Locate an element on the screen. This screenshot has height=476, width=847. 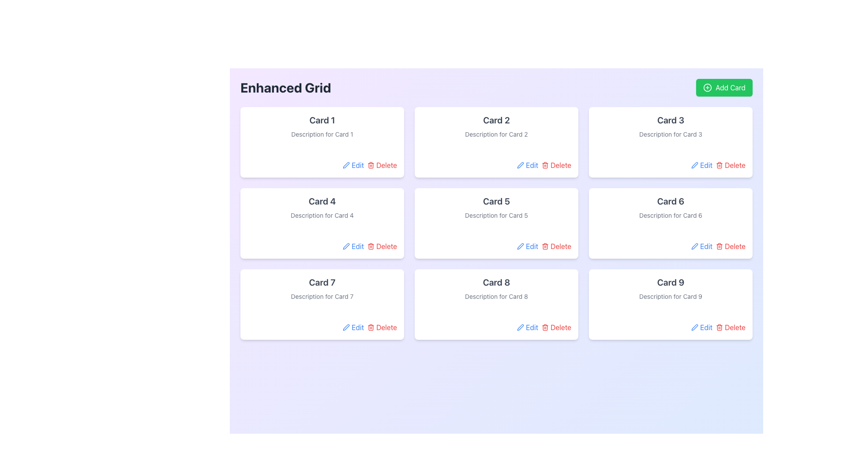
the decorative icon indicating the 'Edit' functionality next to the 'Edit' text under 'Card 4' in the grid layout is located at coordinates (346, 246).